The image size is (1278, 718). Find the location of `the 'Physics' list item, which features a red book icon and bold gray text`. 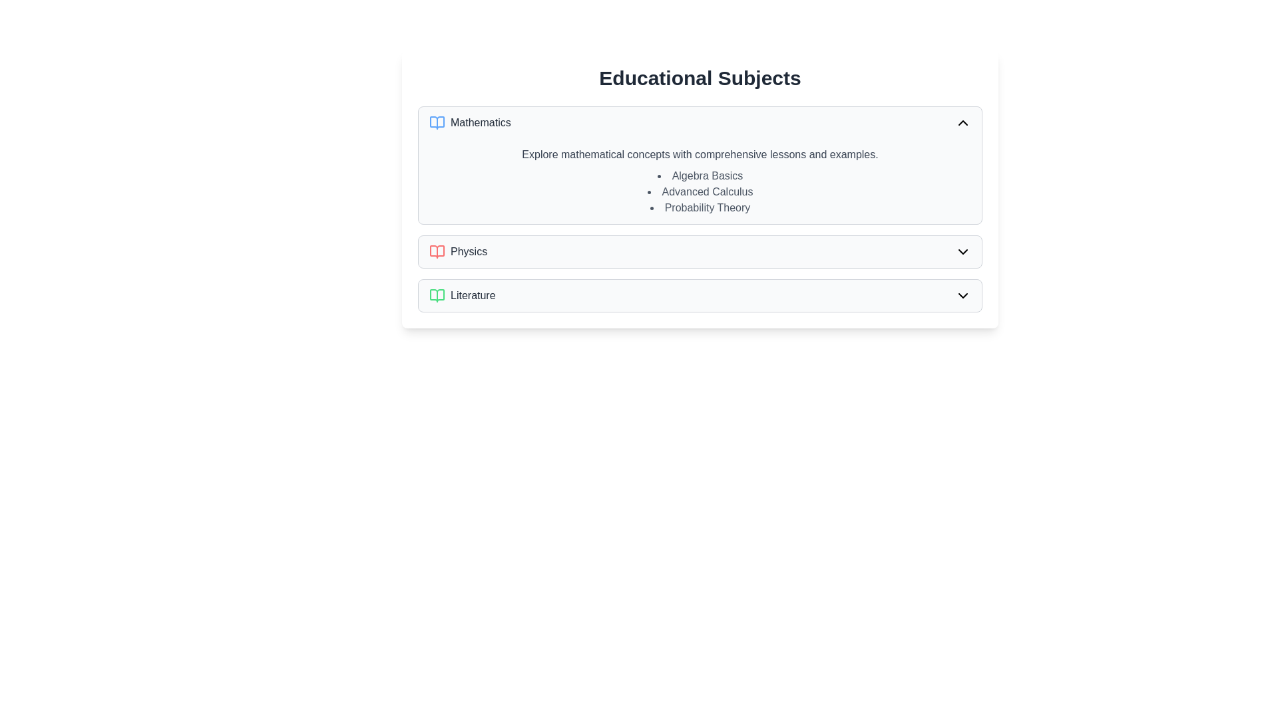

the 'Physics' list item, which features a red book icon and bold gray text is located at coordinates (458, 251).